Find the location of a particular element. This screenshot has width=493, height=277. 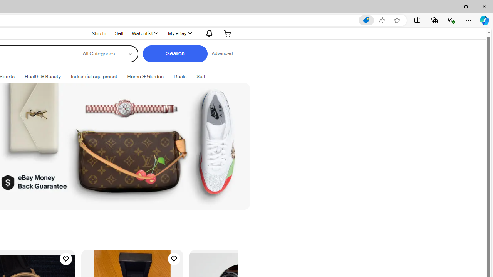

'Class: vl-flyout-nav__js-tab vl-flyout-nav__no-sub' is located at coordinates (179, 77).